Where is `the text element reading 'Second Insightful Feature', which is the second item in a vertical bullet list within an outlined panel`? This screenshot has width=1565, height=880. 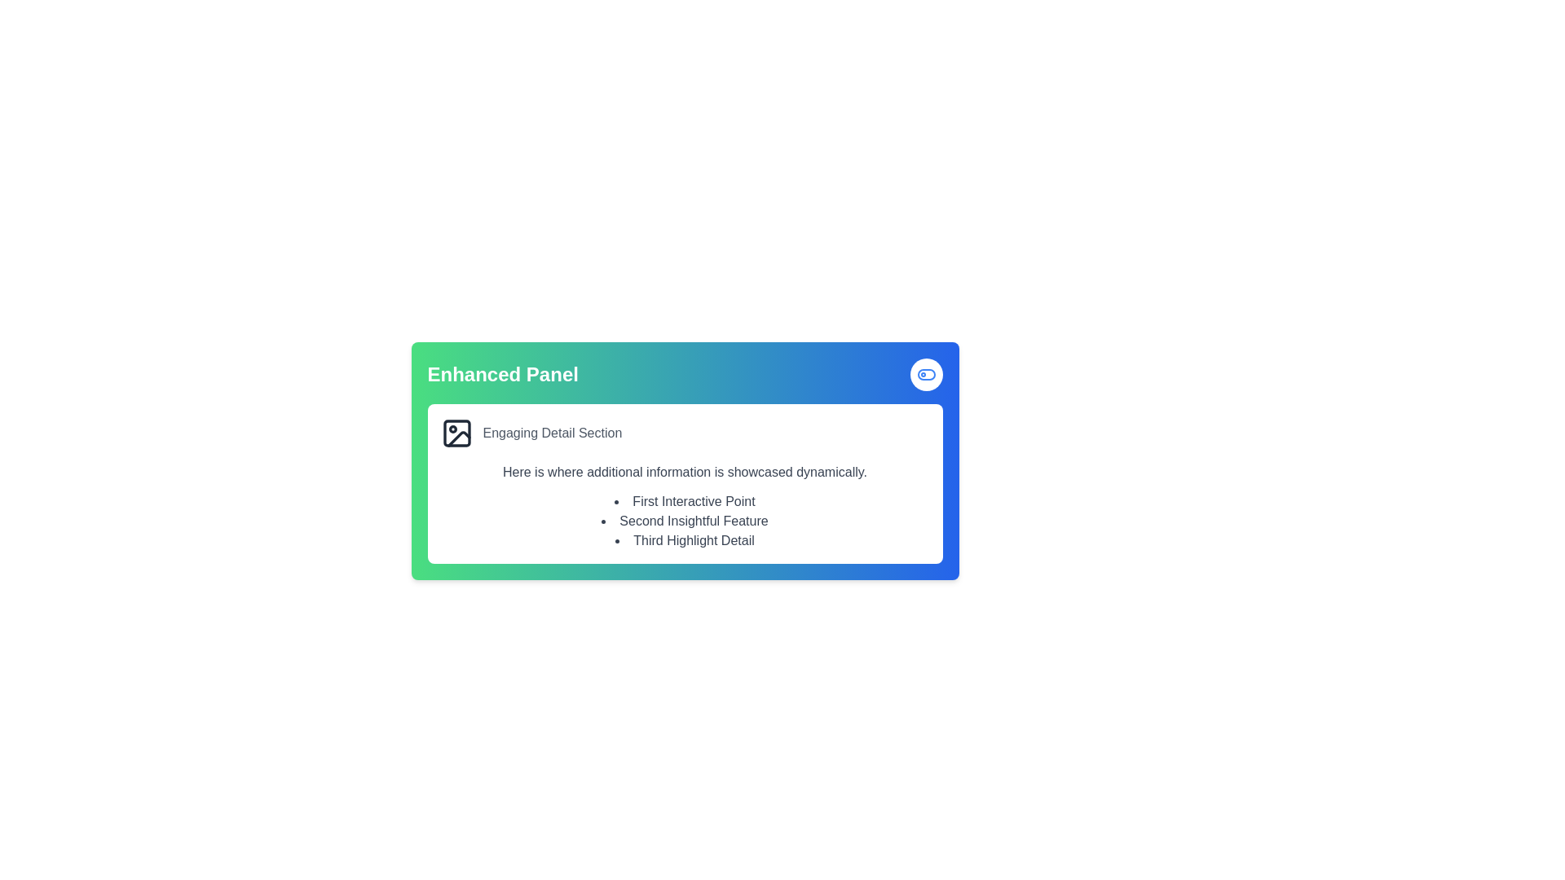
the text element reading 'Second Insightful Feature', which is the second item in a vertical bullet list within an outlined panel is located at coordinates (685, 521).